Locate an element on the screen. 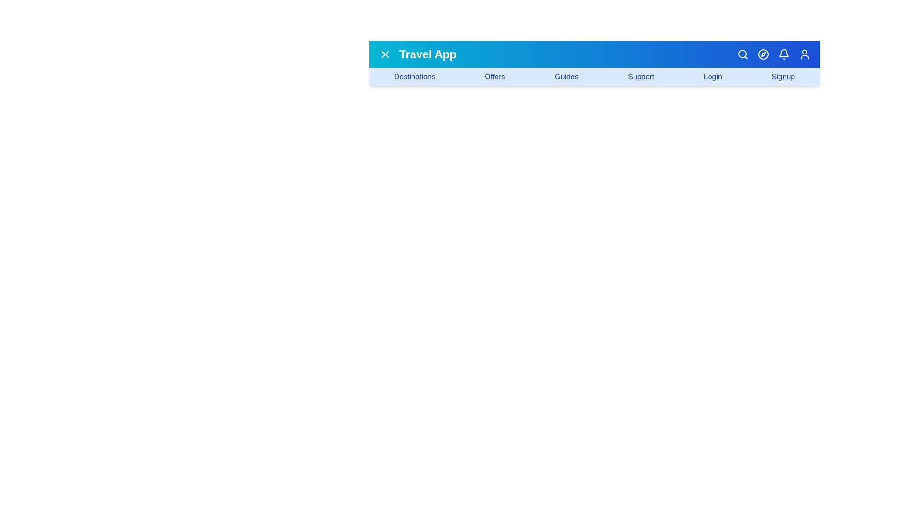 This screenshot has height=507, width=901. the menu item Login to observe visual feedback is located at coordinates (712, 77).